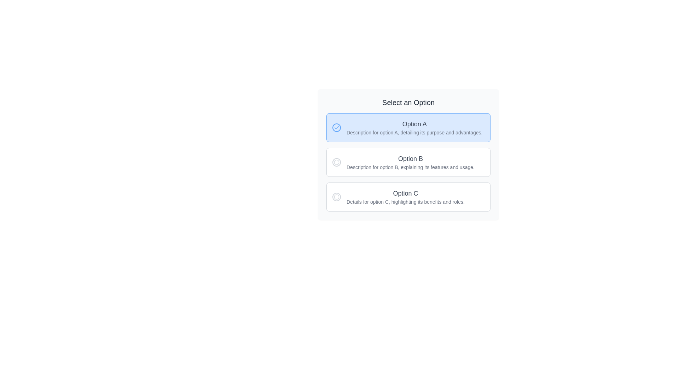 The height and width of the screenshot is (382, 679). I want to click on the text label displaying 'Option B', which is styled in gray color and located within a selectable option group, situated between 'Option A' and 'Option C', so click(411, 158).